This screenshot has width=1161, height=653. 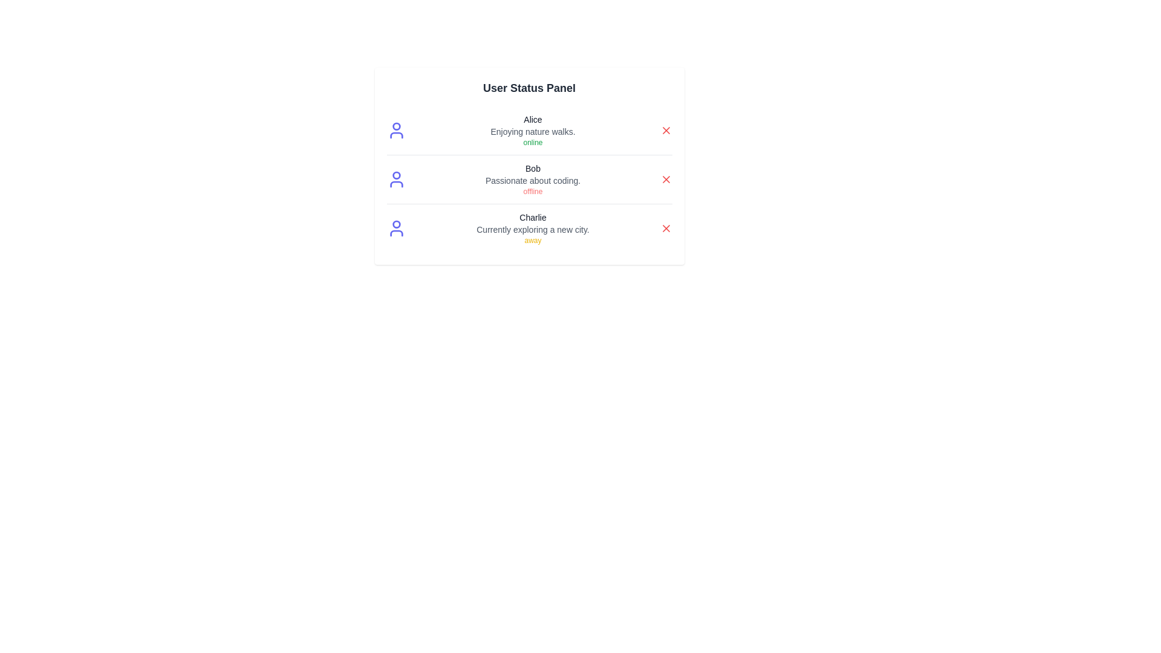 What do you see at coordinates (532, 141) in the screenshot?
I see `the text label indicating the availability status of the user 'Alice', which shows that they are currently online` at bounding box center [532, 141].